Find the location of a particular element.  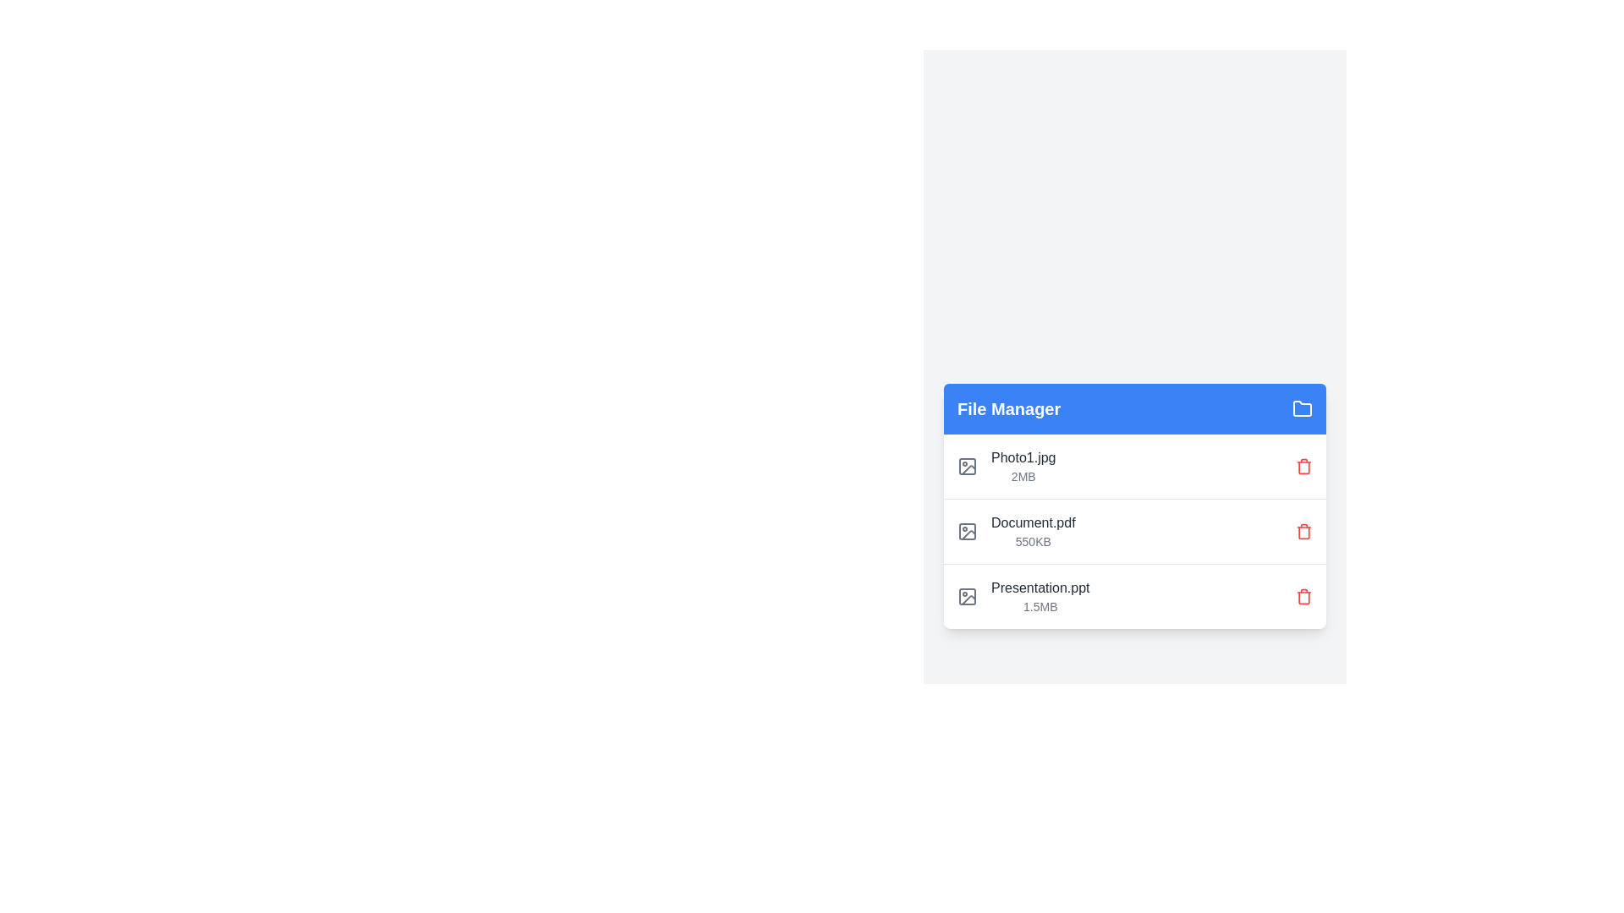

the text display element that shows the name and size of the file, positioned as the third entry is located at coordinates (1039, 595).